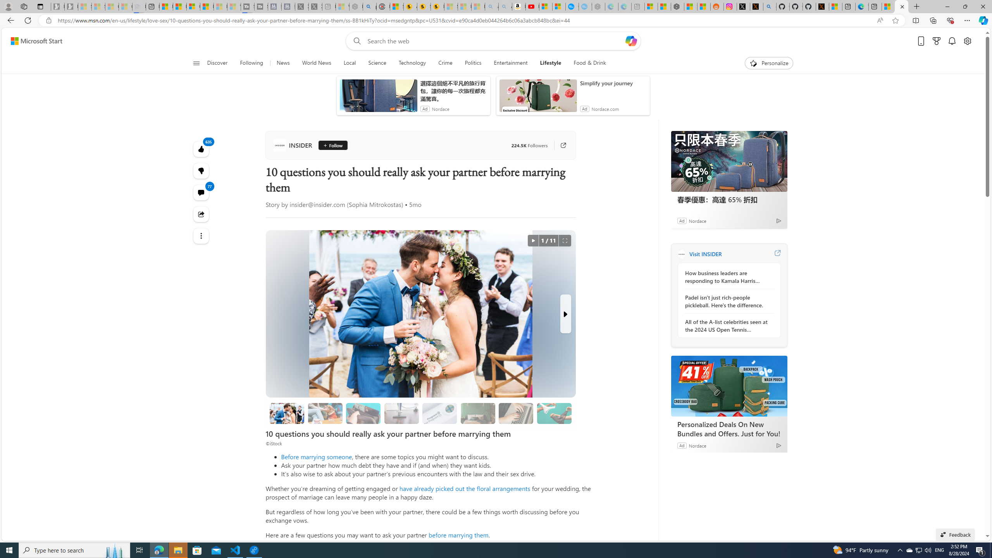 Image resolution: width=992 pixels, height=558 pixels. I want to click on 'Two friend sitting at a coffee shop petting a dog.', so click(325, 413).